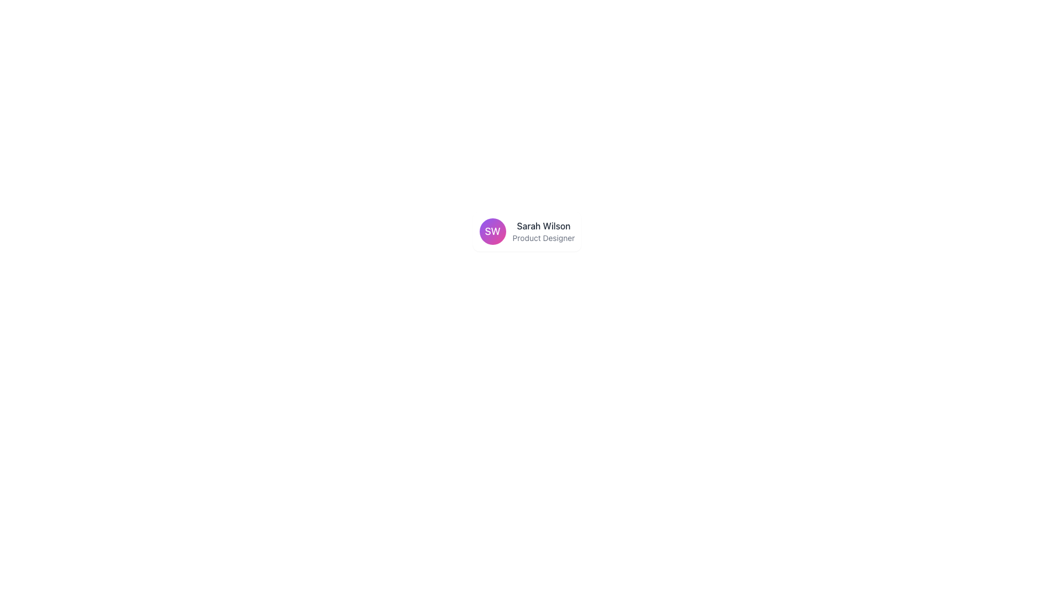  What do you see at coordinates (543, 225) in the screenshot?
I see `the static text label displaying the name 'Sarah Wilson', which is centrally positioned in the information card and is the first line of text` at bounding box center [543, 225].